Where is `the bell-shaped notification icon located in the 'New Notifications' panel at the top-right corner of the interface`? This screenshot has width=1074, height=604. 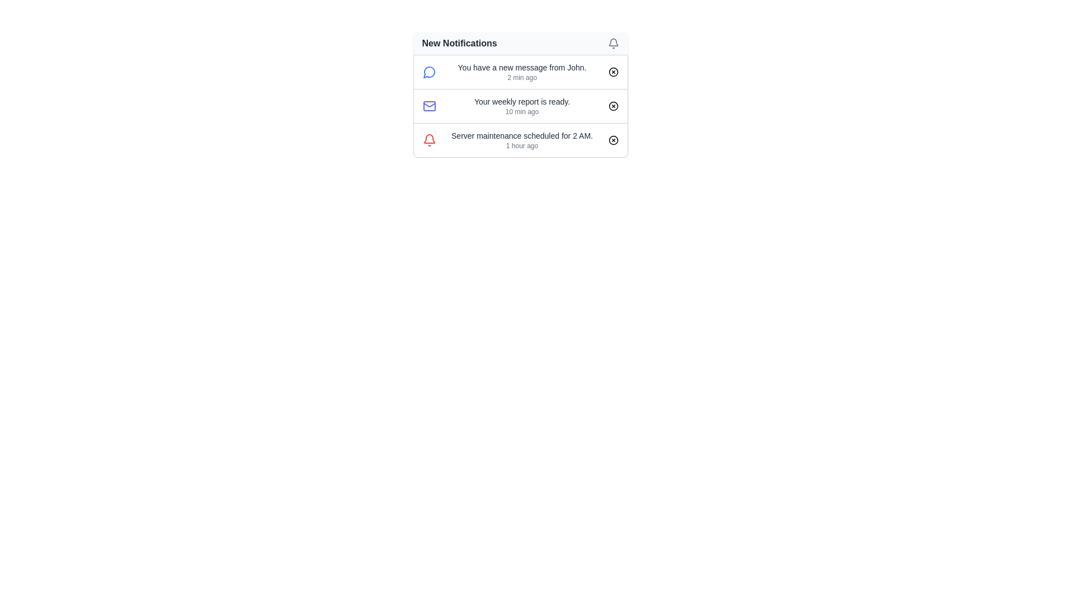 the bell-shaped notification icon located in the 'New Notifications' panel at the top-right corner of the interface is located at coordinates (613, 41).